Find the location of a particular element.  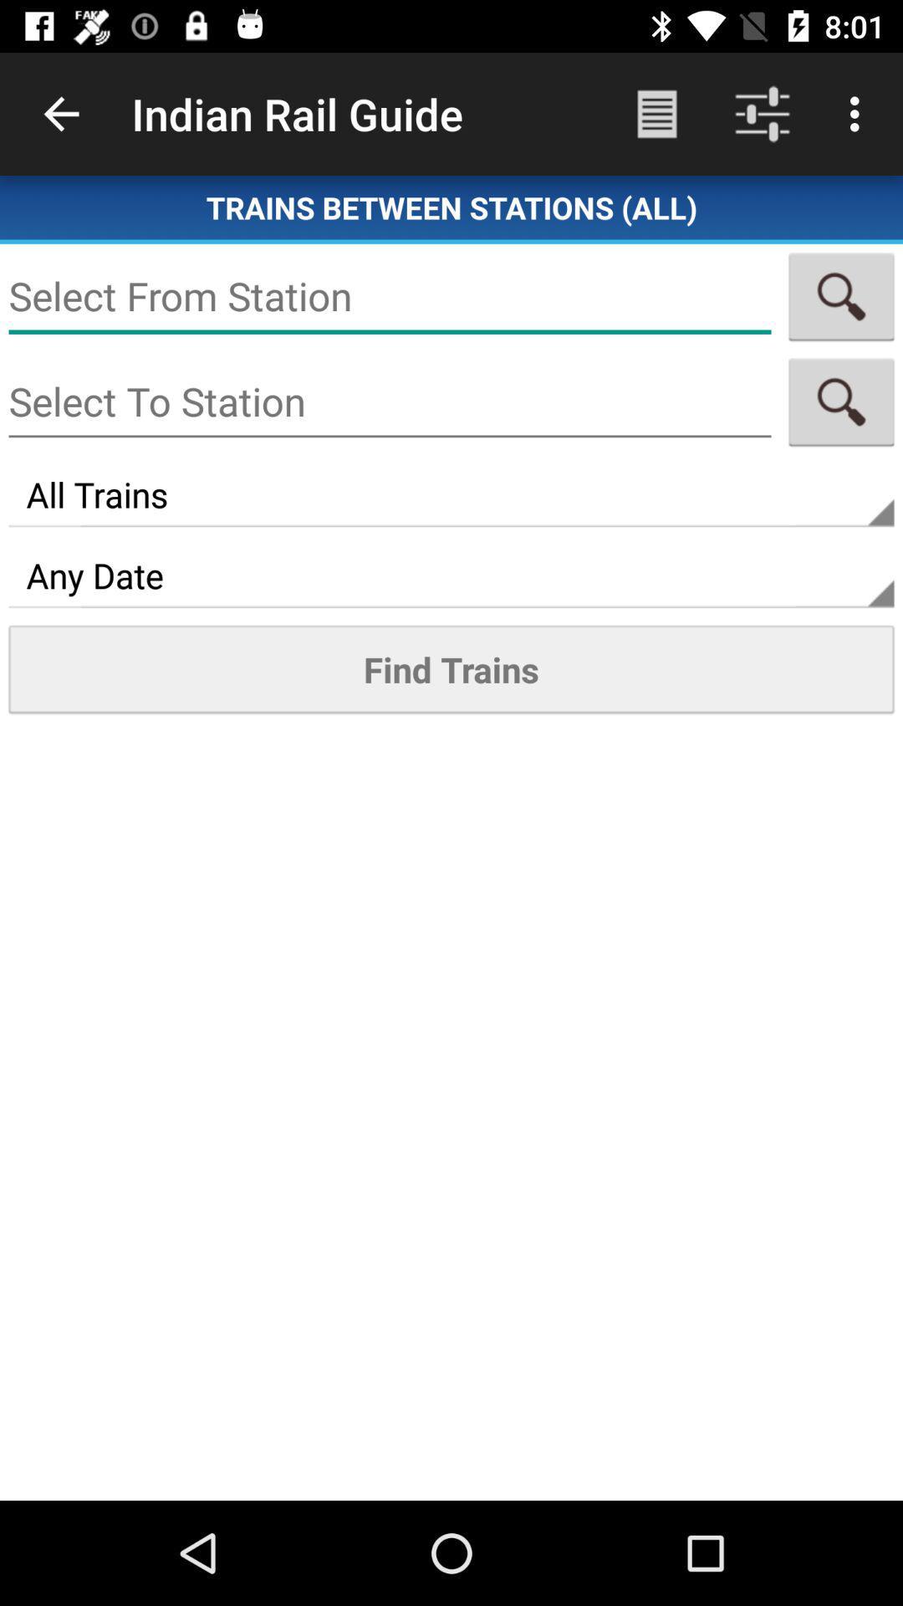

search stations is located at coordinates (841, 401).